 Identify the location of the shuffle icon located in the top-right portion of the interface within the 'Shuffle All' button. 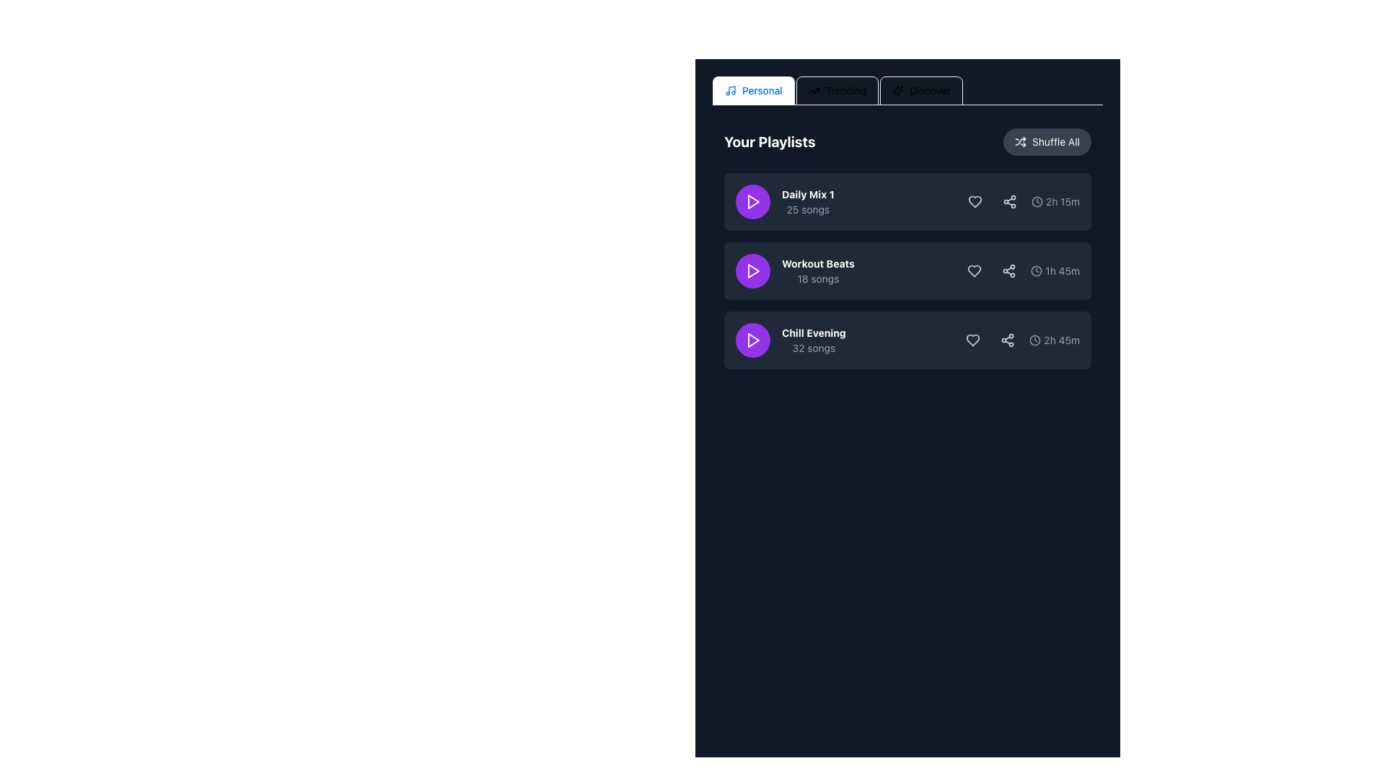
(1020, 141).